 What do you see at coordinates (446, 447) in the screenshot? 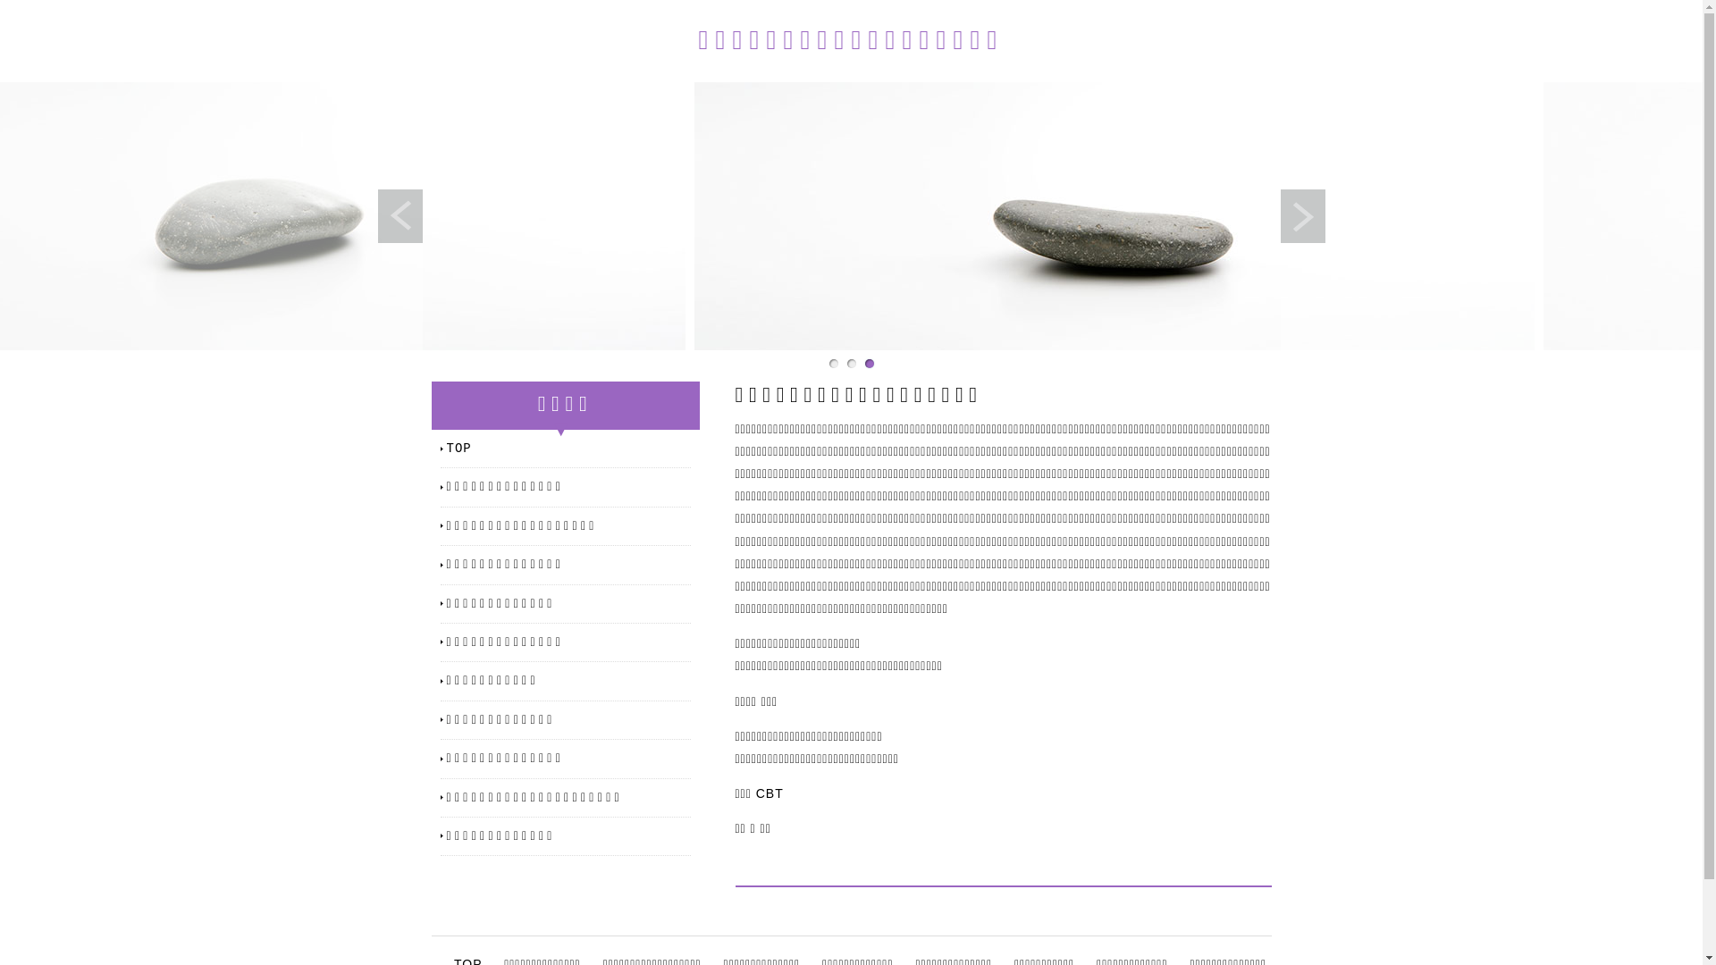
I see `'TOP'` at bounding box center [446, 447].